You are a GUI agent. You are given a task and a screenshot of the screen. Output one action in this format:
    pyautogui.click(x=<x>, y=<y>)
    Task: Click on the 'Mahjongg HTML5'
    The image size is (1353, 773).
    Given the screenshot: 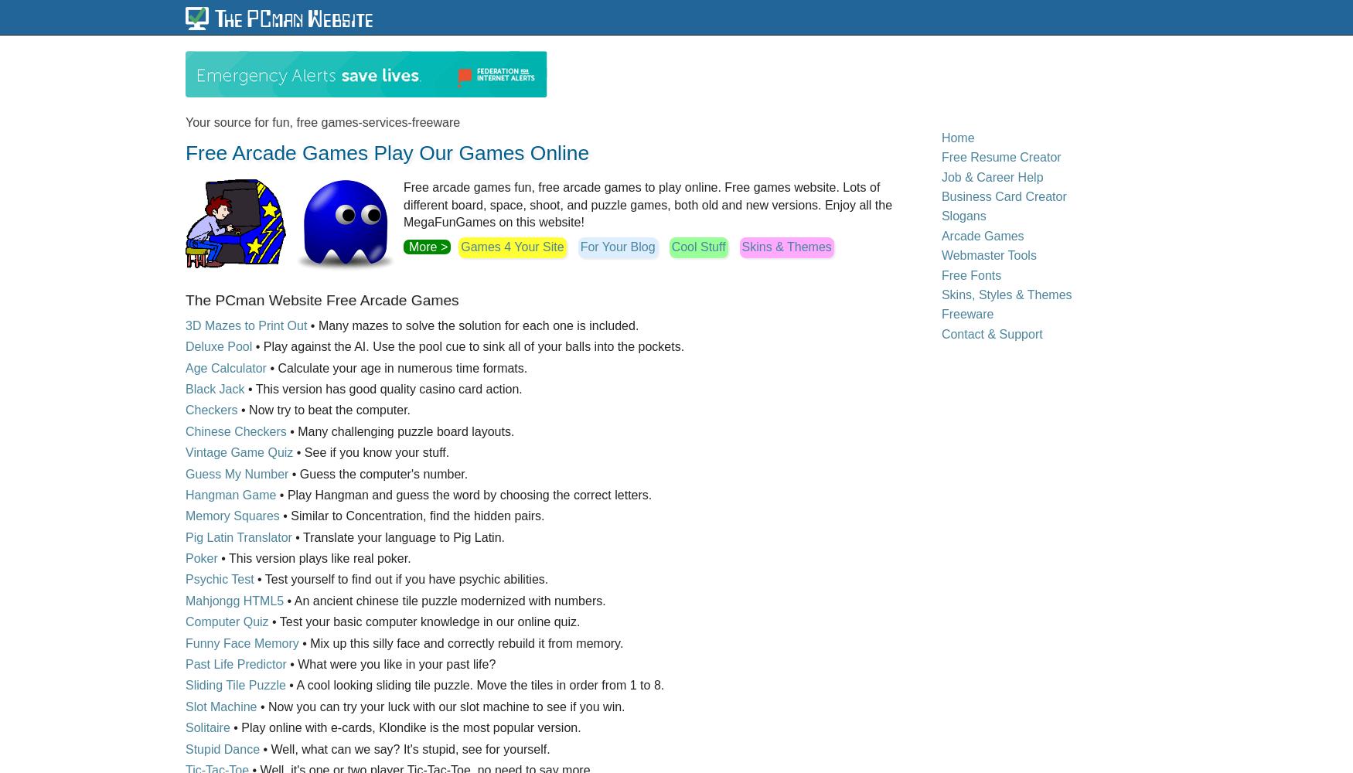 What is the action you would take?
    pyautogui.click(x=233, y=600)
    